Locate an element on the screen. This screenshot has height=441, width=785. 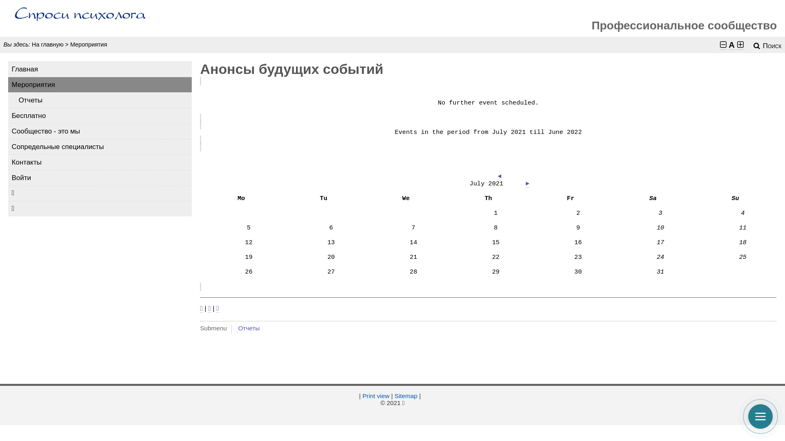
'Print view' is located at coordinates (375, 395).